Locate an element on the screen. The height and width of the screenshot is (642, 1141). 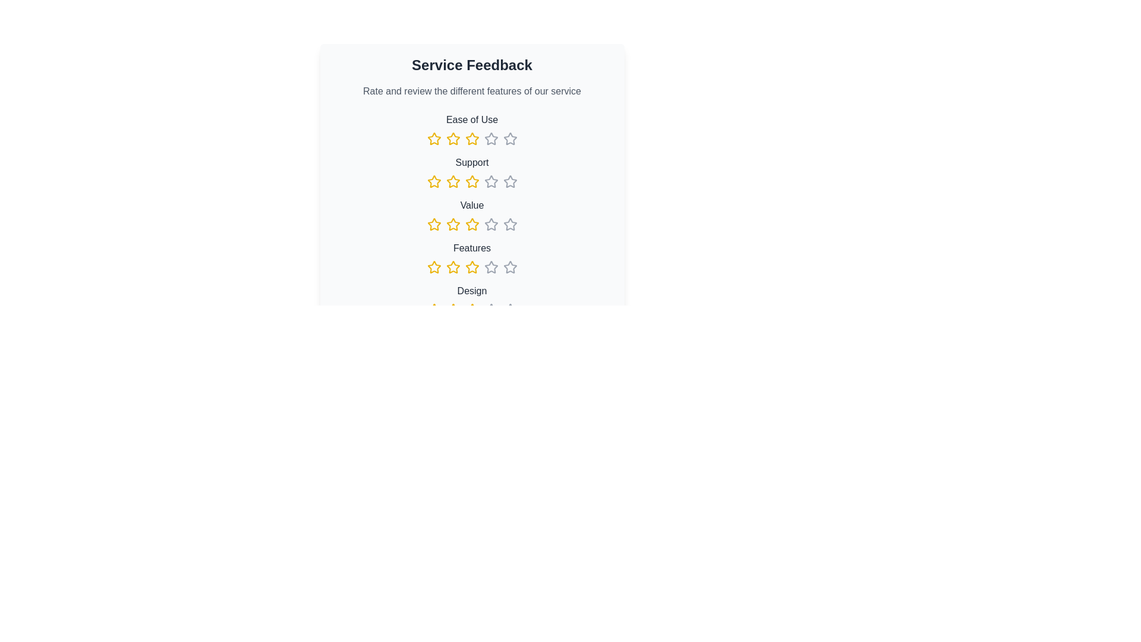
the third star icon in the row for the 'Features' rating is located at coordinates (471, 266).